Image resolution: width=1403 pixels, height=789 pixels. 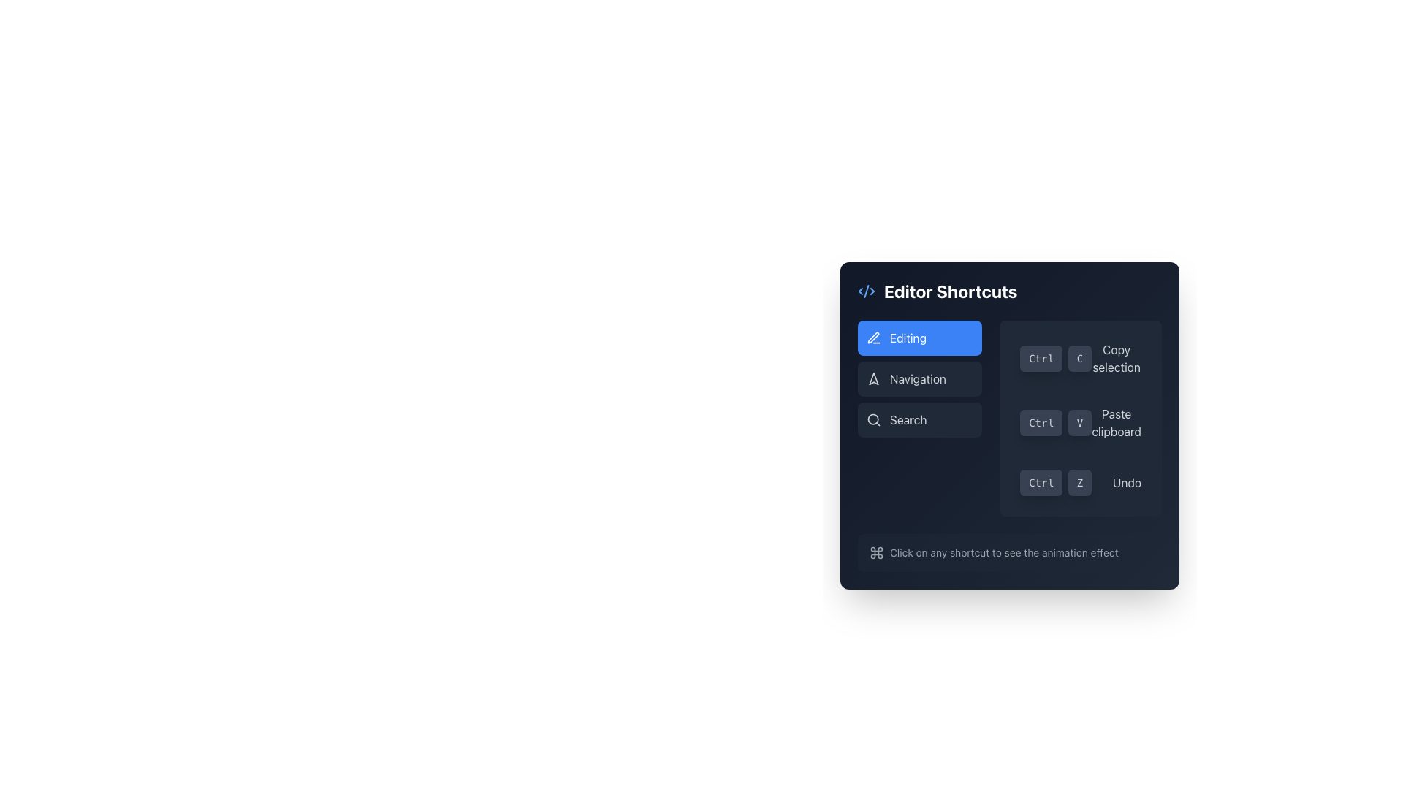 I want to click on the 'Paste clipboard' text label, which is styled in gray and located under the 'Ctrl V' shortcut button in the 'Editor Shortcuts' interface, so click(x=1116, y=422).